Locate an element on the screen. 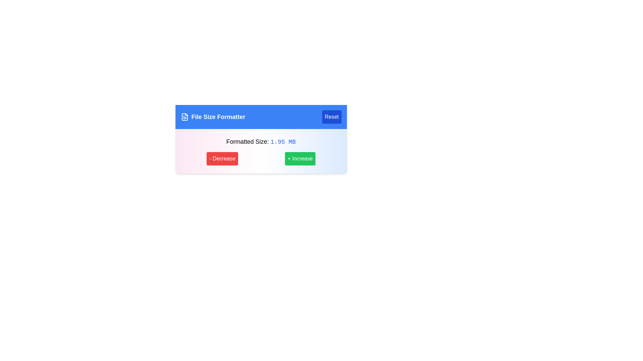  the informational Text Display that shows the formatted size value '1.95 MB', located centrally above the '- Decrease' and '+ Increase' buttons is located at coordinates (261, 141).